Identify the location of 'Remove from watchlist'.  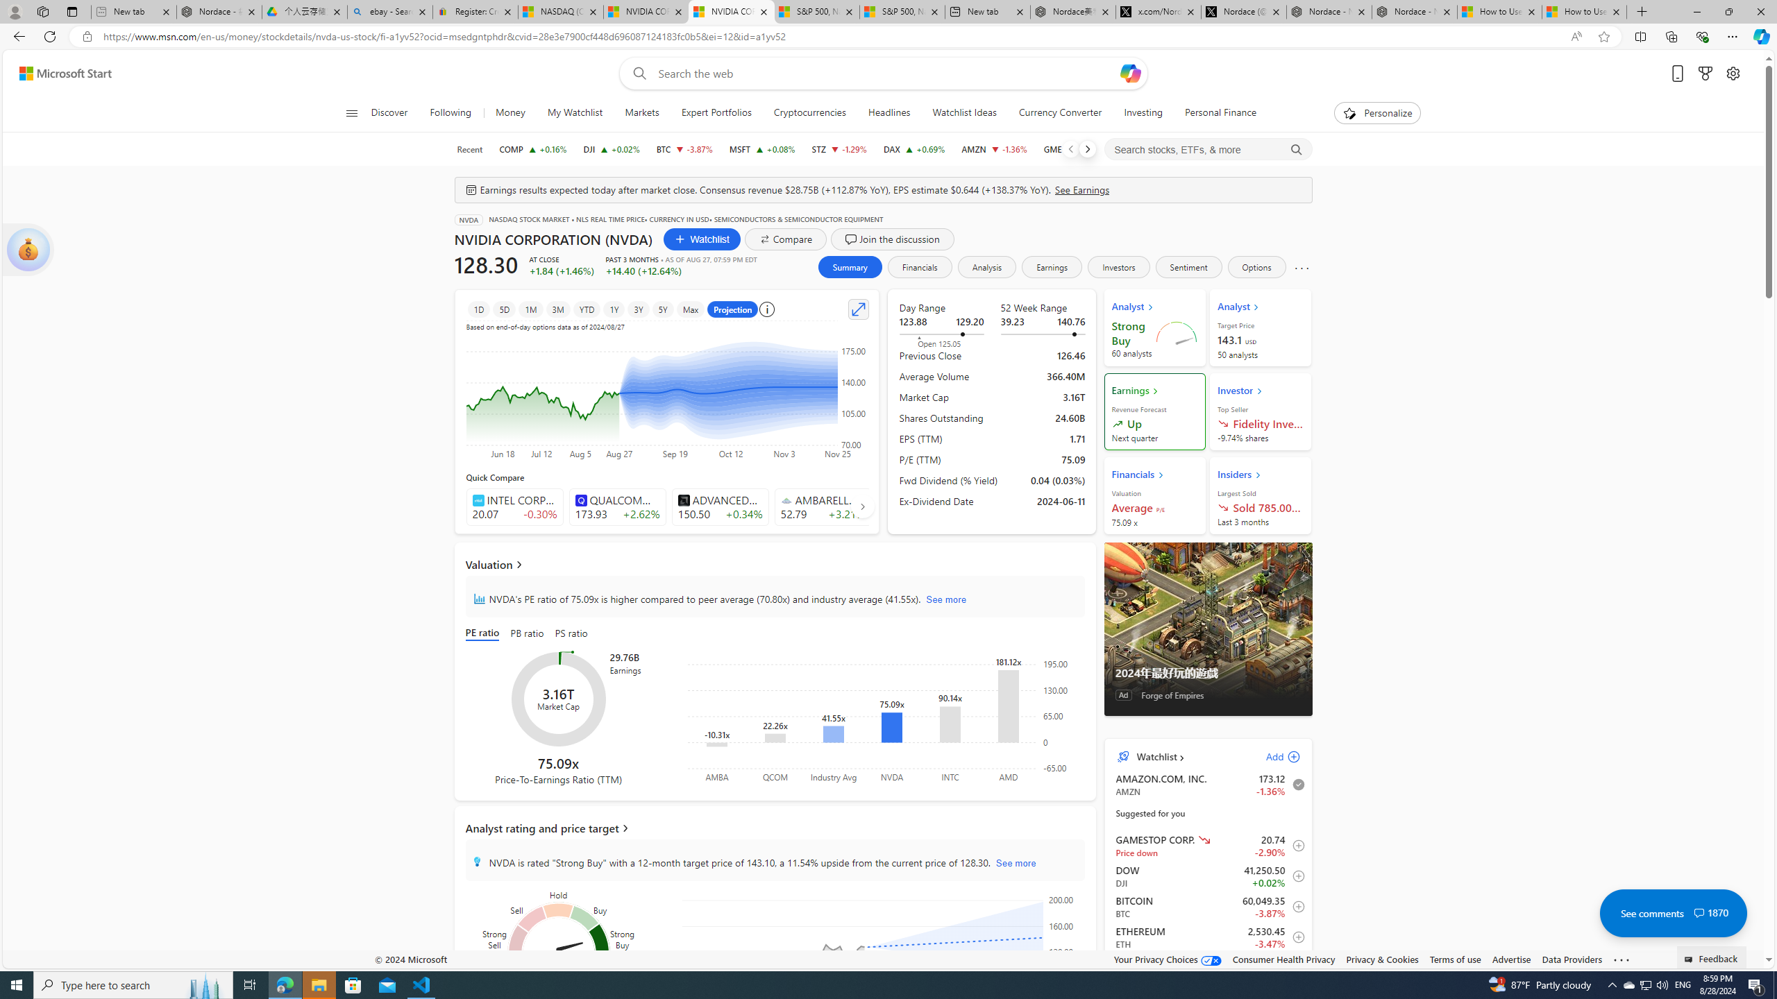
(1295, 783).